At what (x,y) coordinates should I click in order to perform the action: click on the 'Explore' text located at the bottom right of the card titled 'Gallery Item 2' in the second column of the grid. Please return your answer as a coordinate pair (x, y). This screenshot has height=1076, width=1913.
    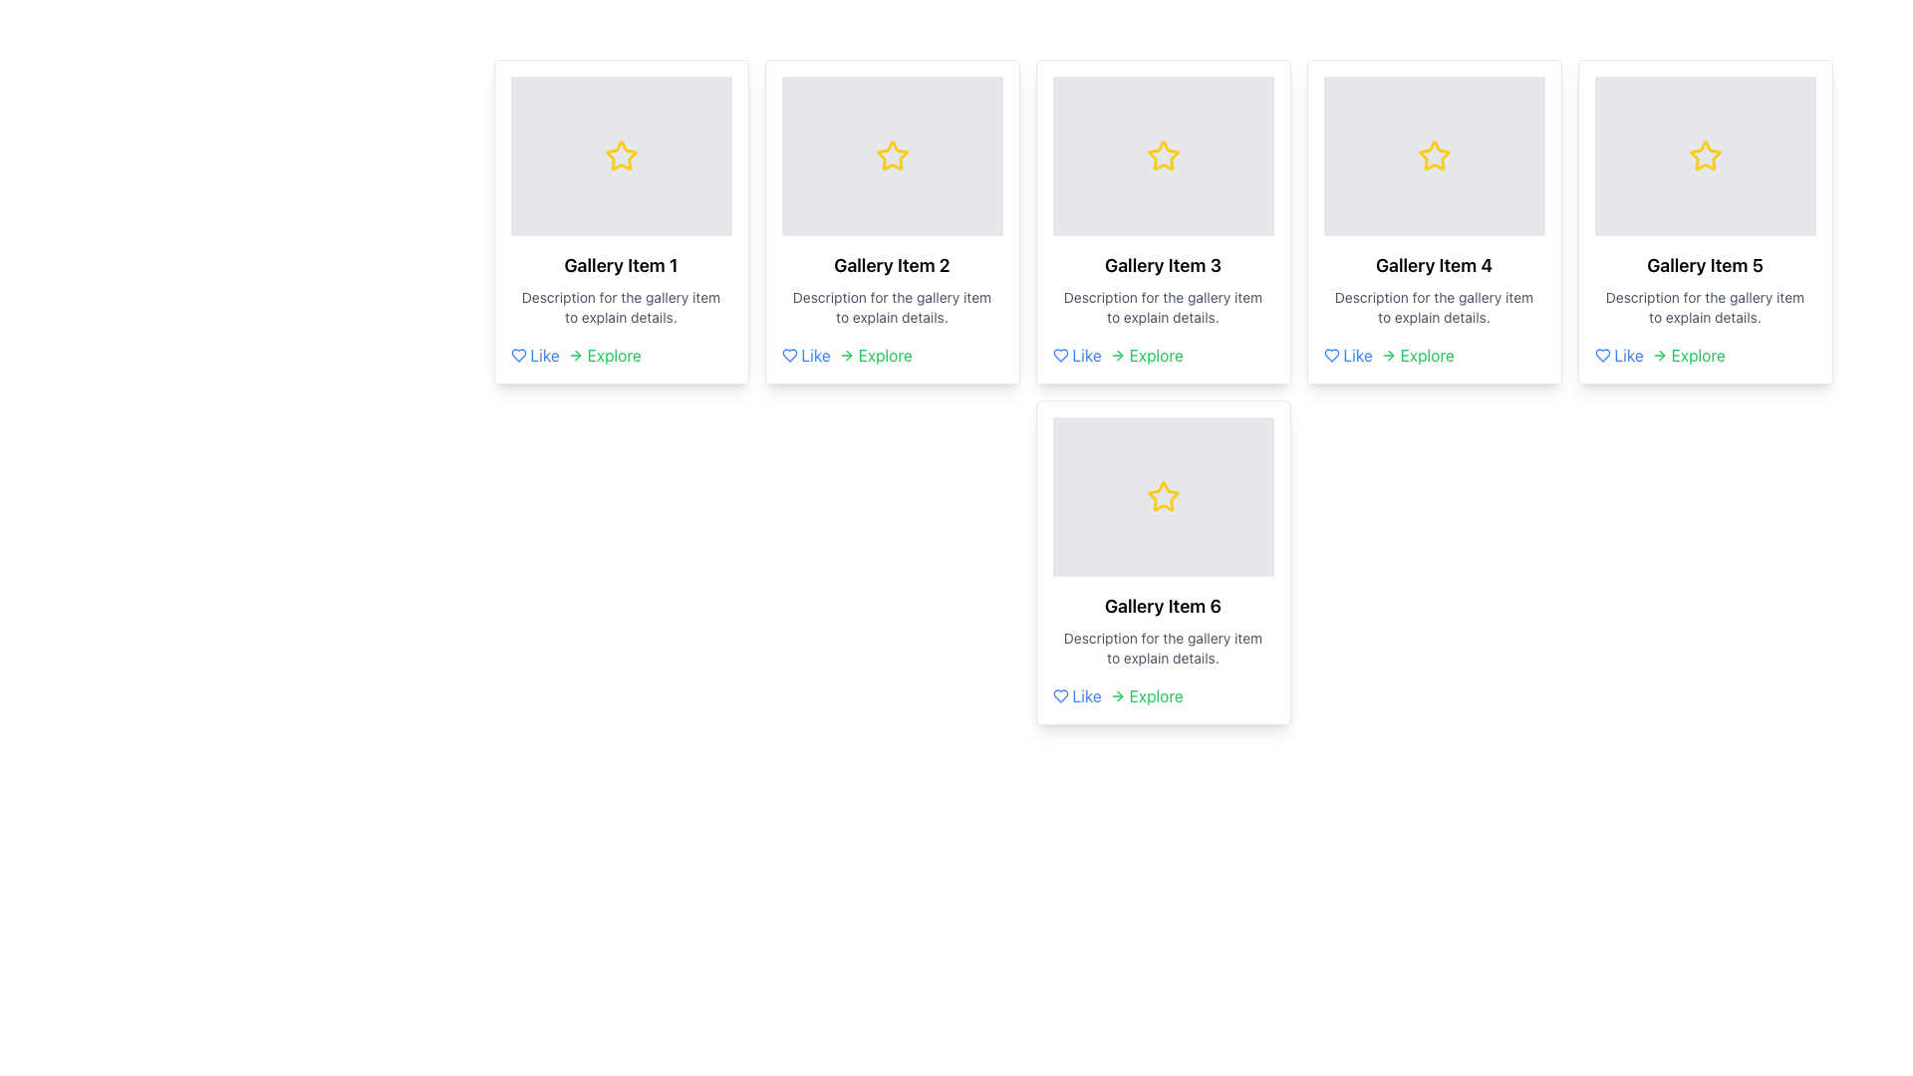
    Looking at the image, I should click on (891, 355).